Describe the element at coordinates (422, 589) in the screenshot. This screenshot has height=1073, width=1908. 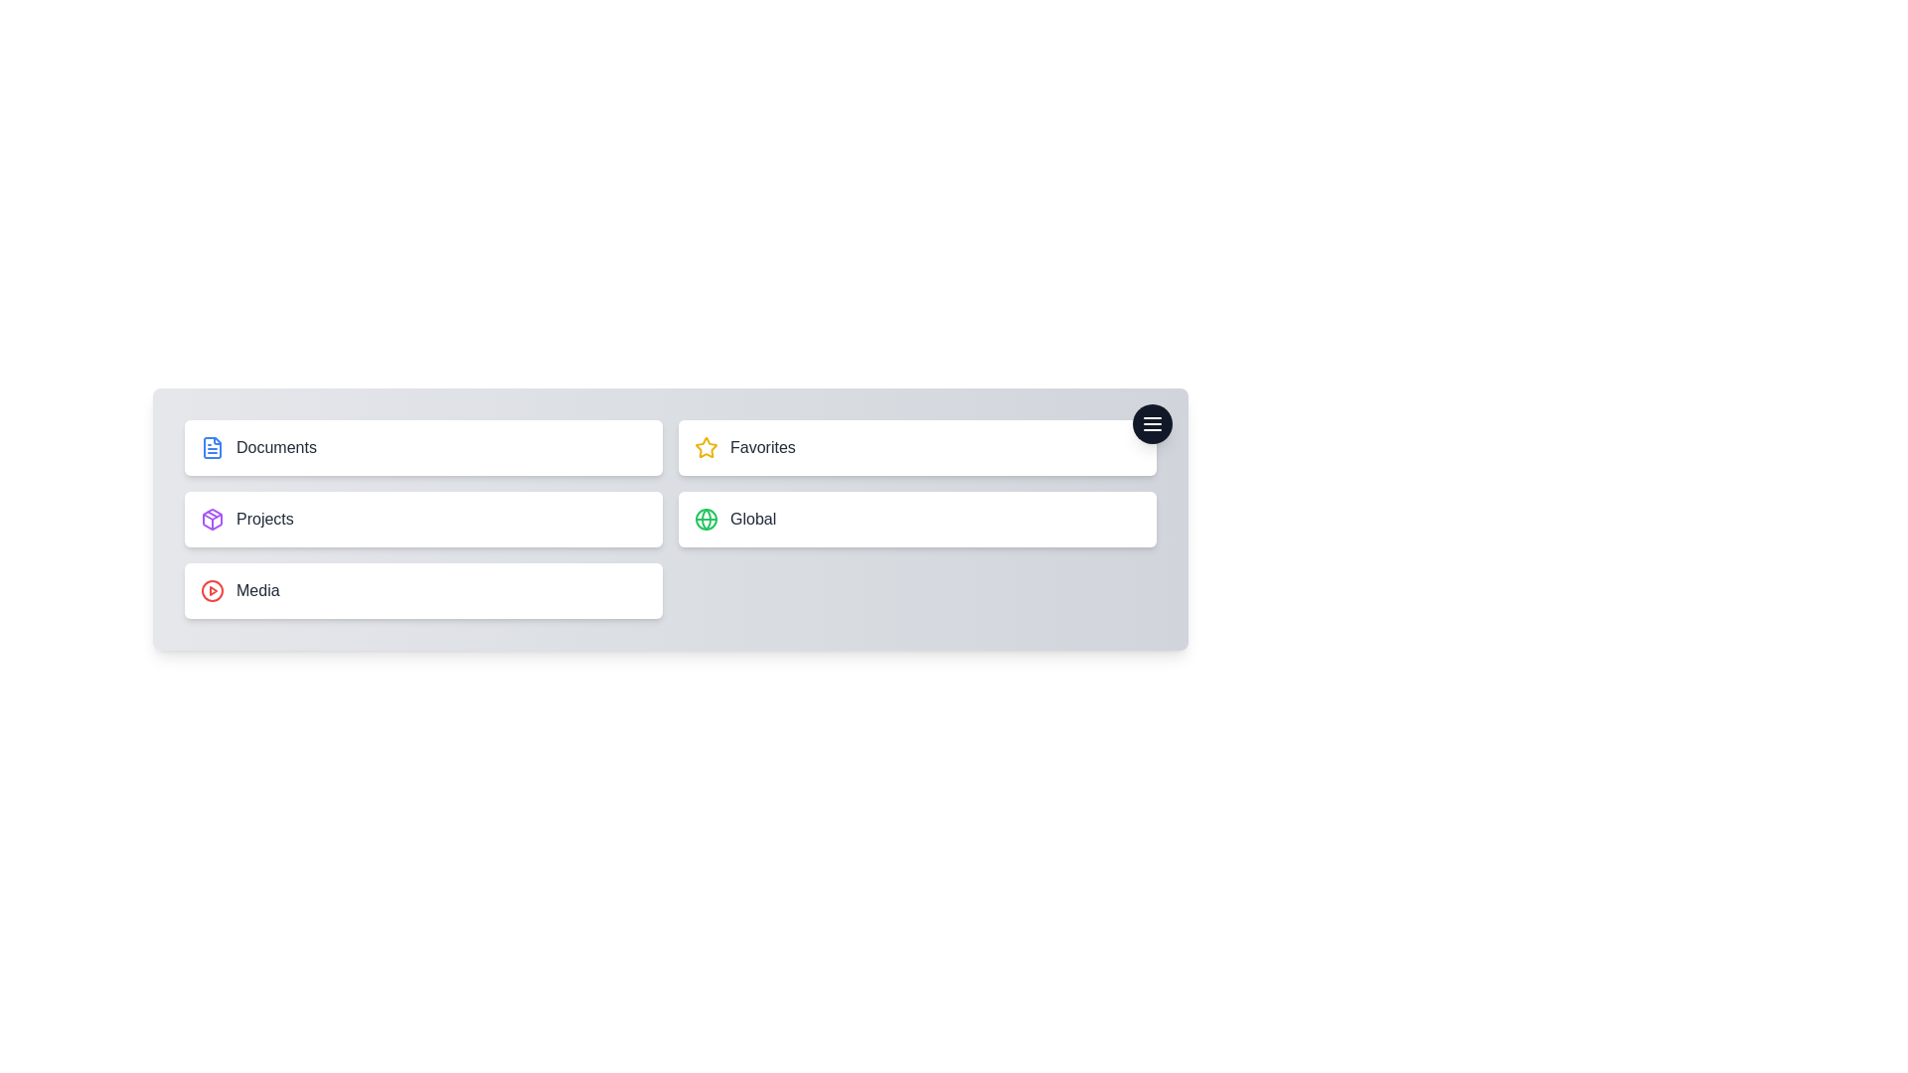
I see `the menu item labeled Media to preview its effects` at that location.